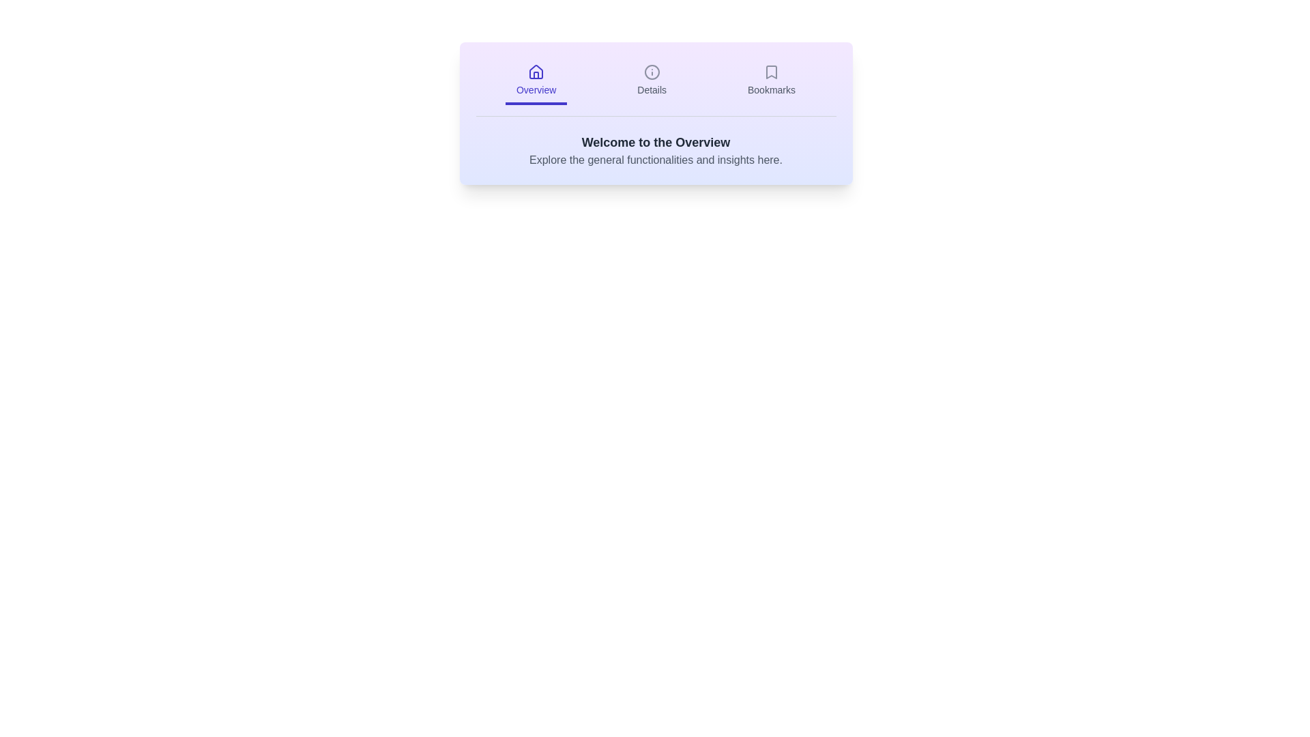  What do you see at coordinates (651, 72) in the screenshot?
I see `the circular icon with a centered 'i' symbol in a semi-transparent gray color located in the center of the 'Details' tab` at bounding box center [651, 72].